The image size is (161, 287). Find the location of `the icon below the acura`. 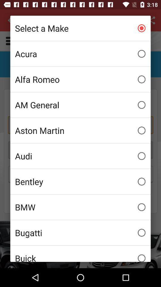

the icon below the acura is located at coordinates (80, 79).